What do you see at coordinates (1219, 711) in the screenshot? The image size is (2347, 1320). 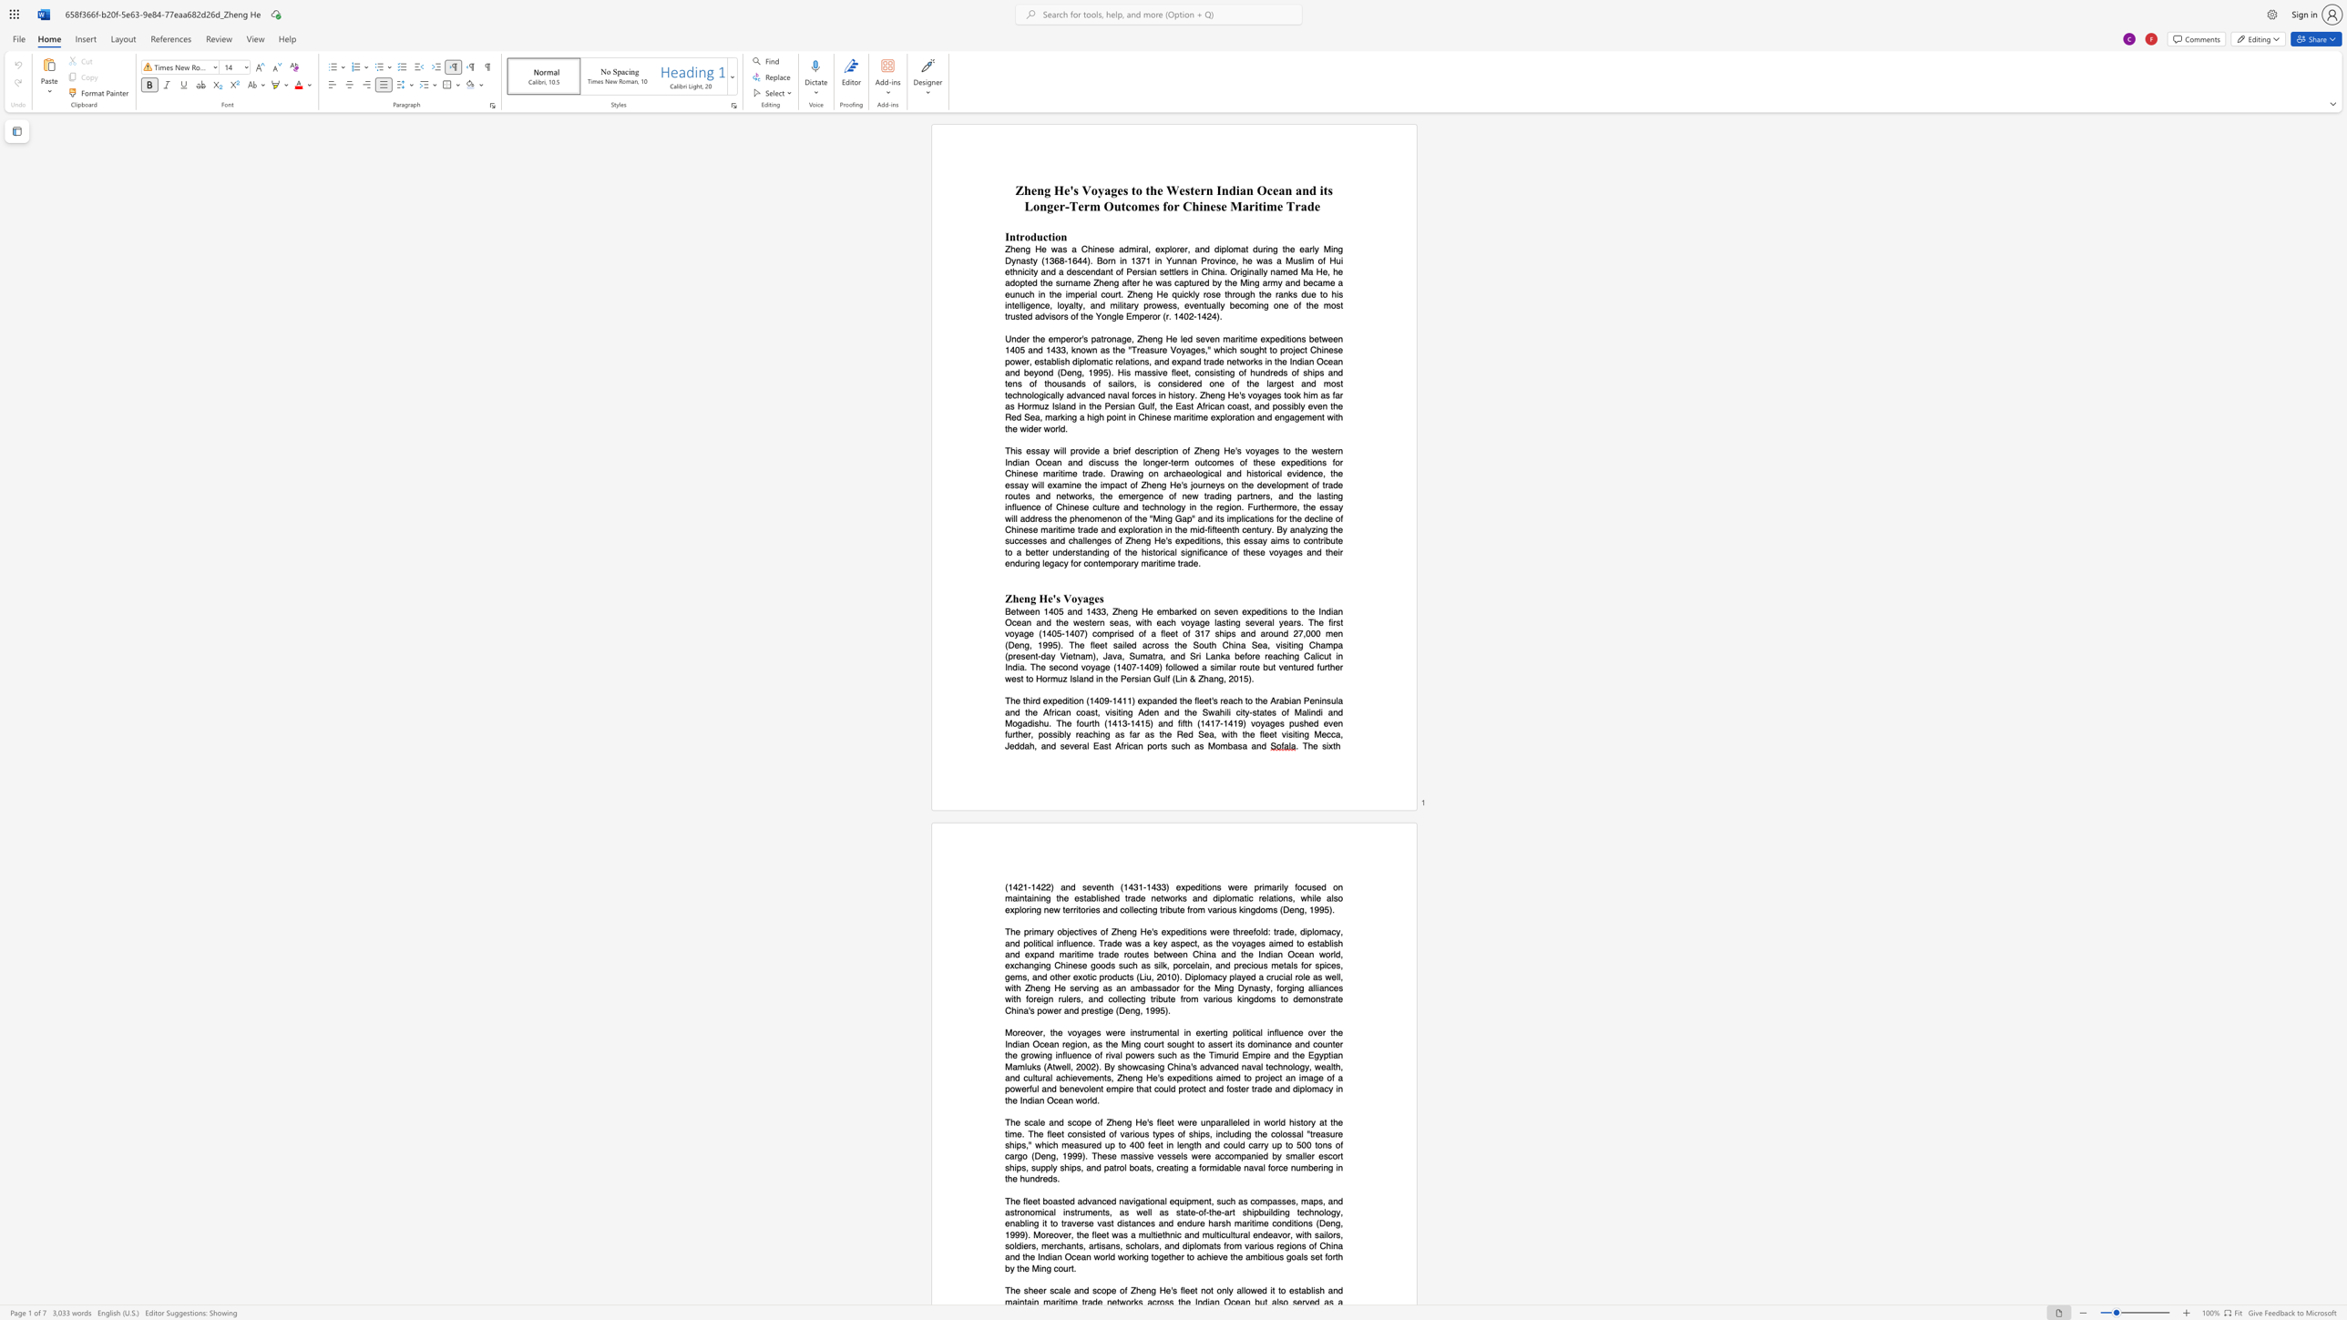 I see `the space between the continuous character "a" and "h" in the text` at bounding box center [1219, 711].